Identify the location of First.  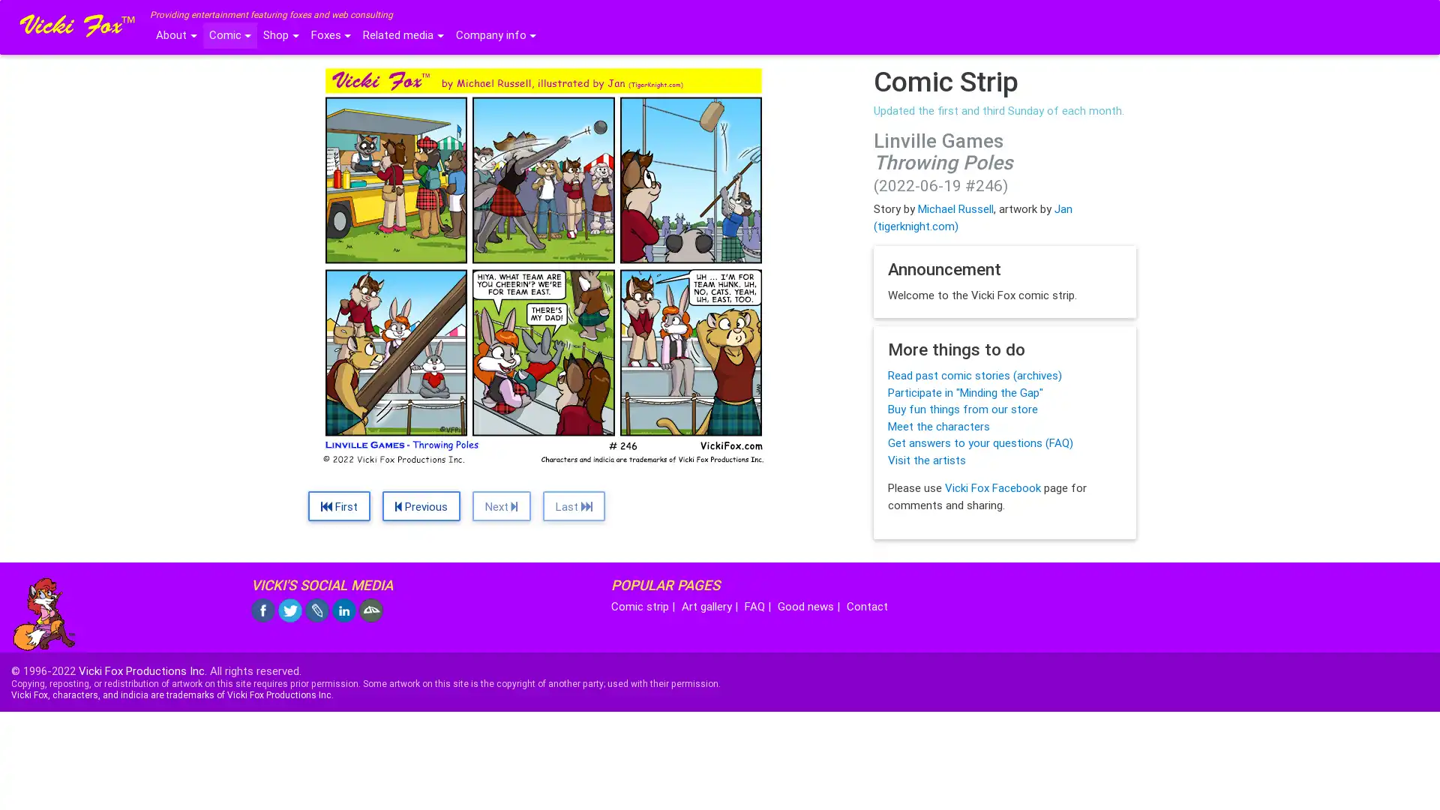
(338, 506).